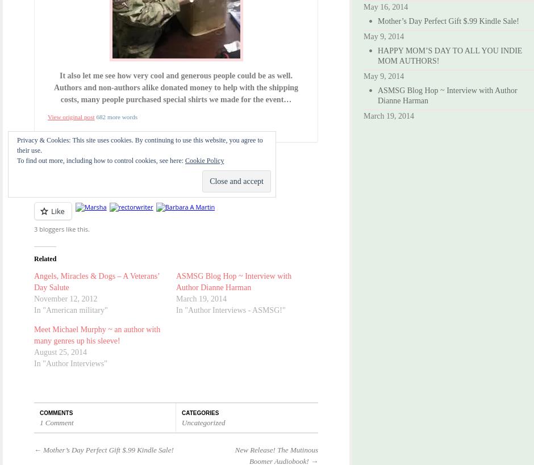 This screenshot has height=465, width=534. What do you see at coordinates (49, 165) in the screenshot?
I see `'Share this:'` at bounding box center [49, 165].